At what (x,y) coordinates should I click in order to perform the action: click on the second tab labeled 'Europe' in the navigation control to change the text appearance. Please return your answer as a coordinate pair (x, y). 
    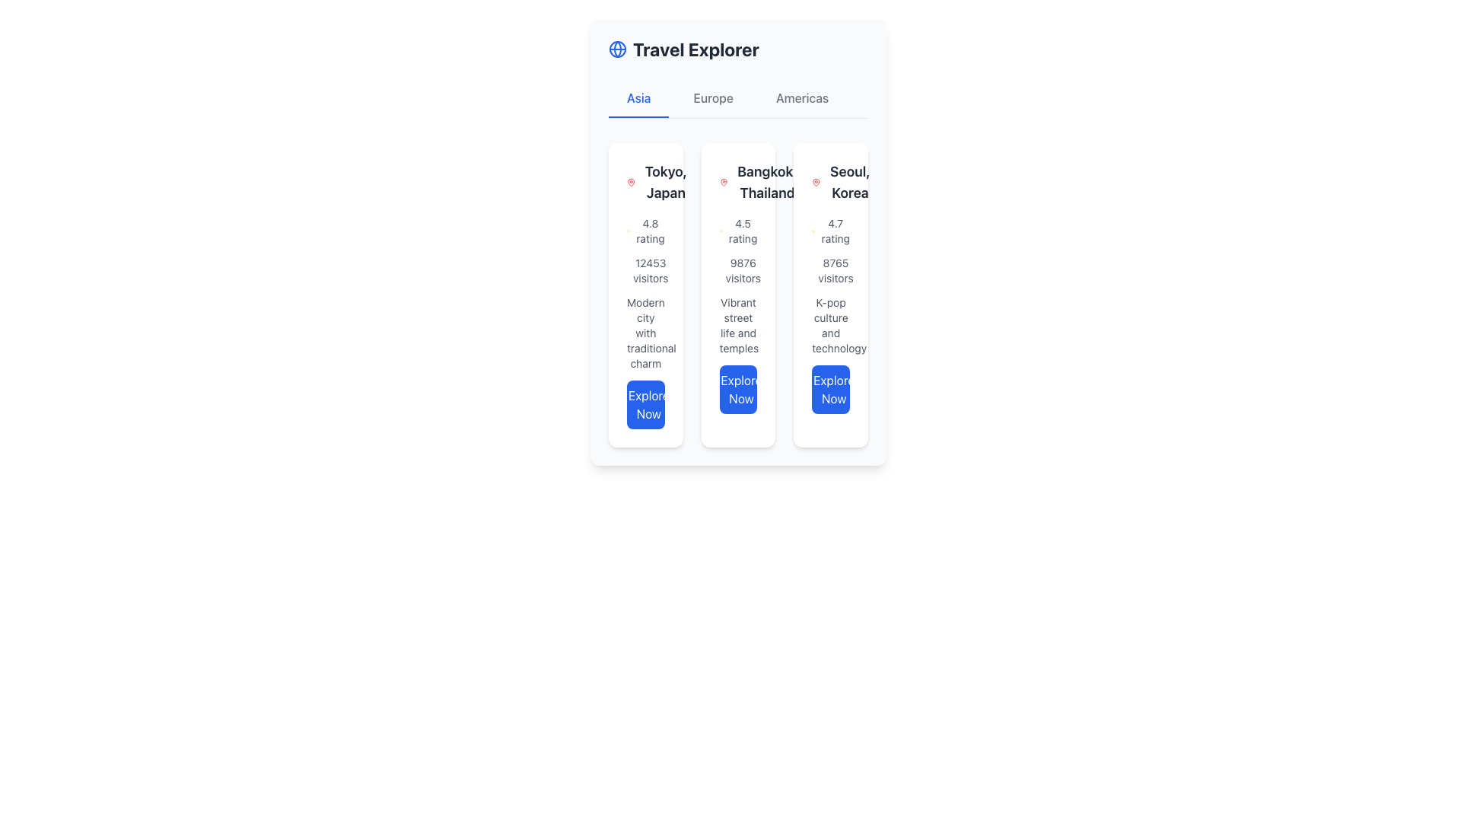
    Looking at the image, I should click on (712, 99).